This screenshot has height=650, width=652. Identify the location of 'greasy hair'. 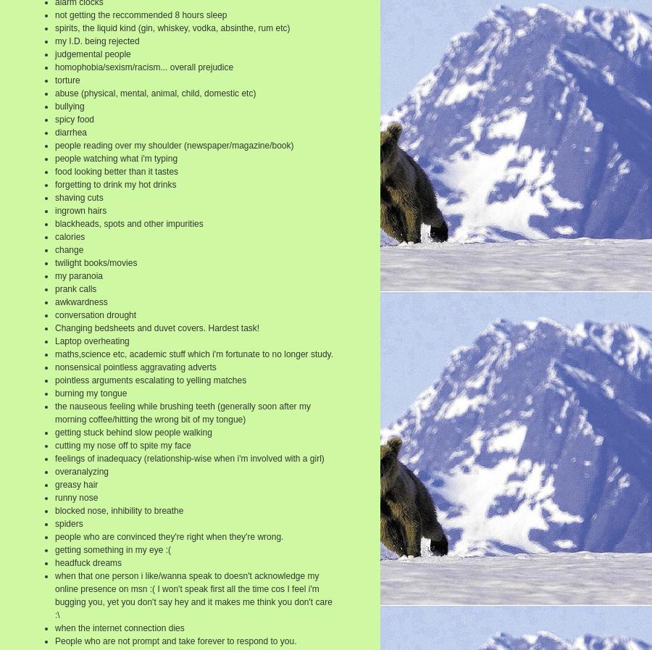
(75, 484).